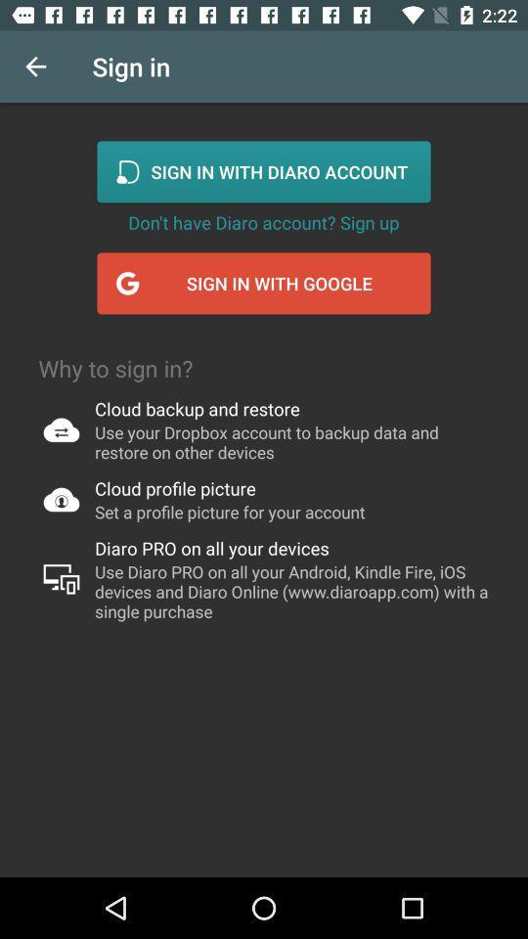  I want to click on the don t have, so click(263, 222).